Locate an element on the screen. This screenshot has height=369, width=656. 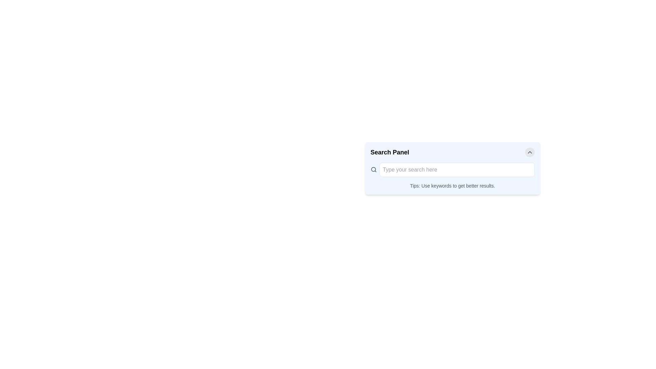
the 'up' direction icon located at the top-right corner of the search panel interface is located at coordinates (529, 152).